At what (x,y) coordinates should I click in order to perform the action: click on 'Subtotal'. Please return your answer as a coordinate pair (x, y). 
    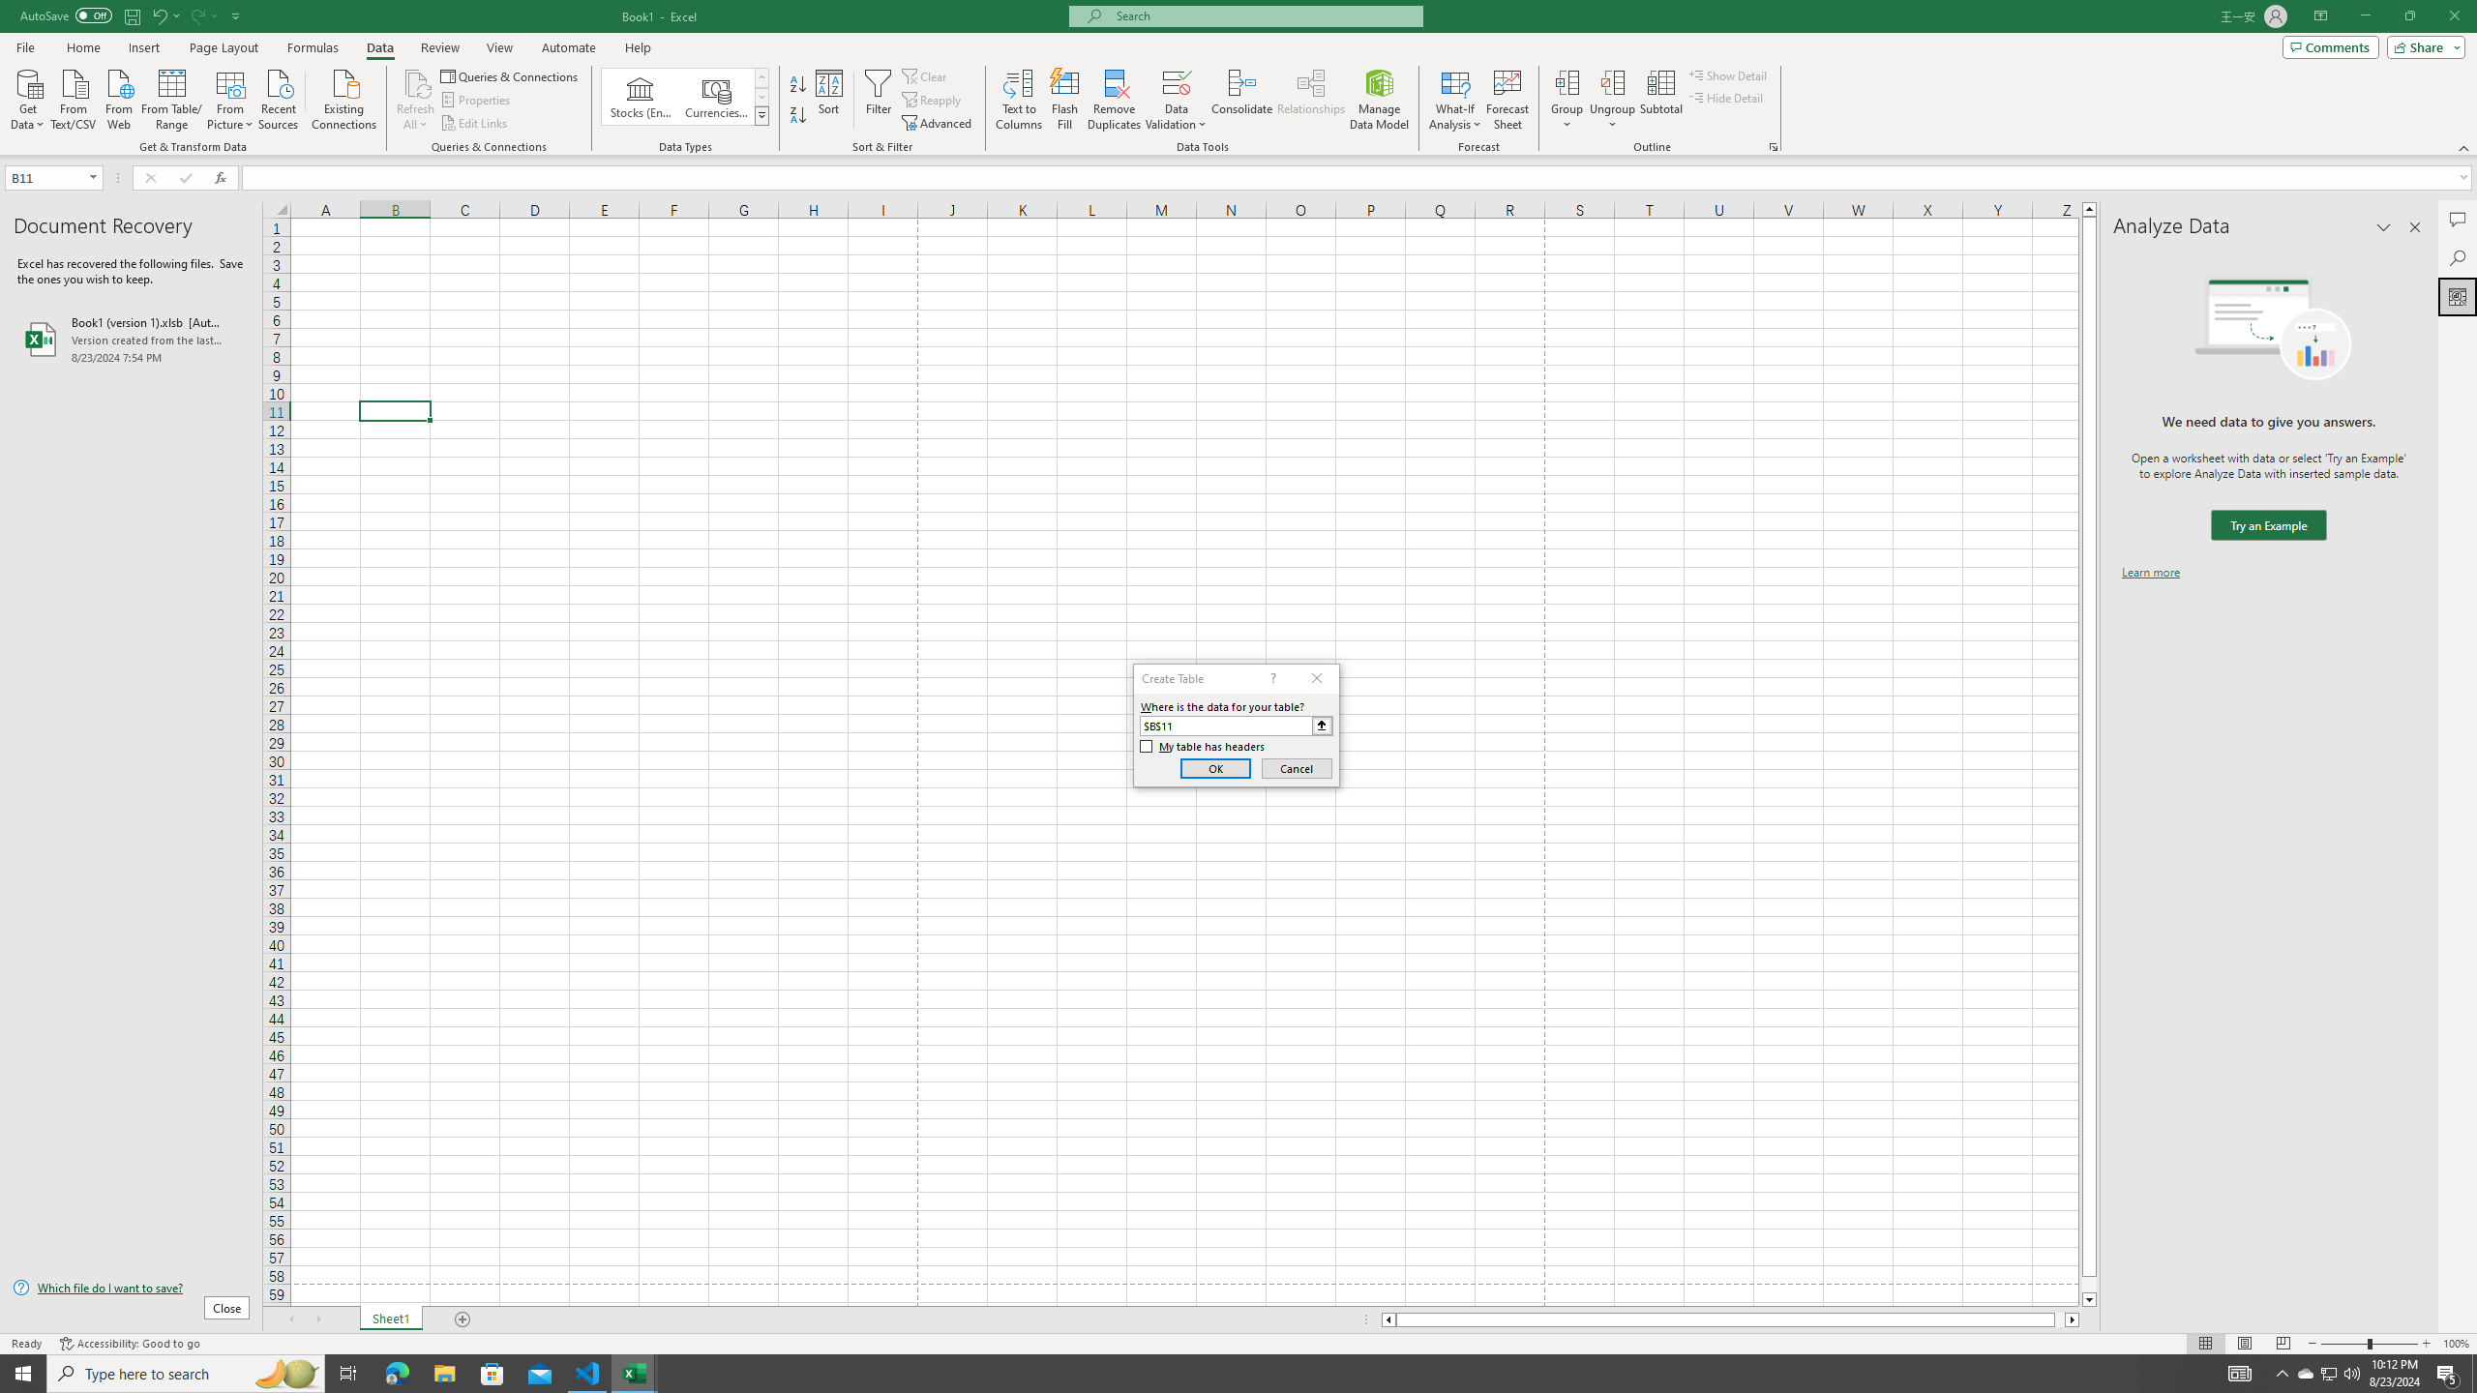
    Looking at the image, I should click on (1660, 100).